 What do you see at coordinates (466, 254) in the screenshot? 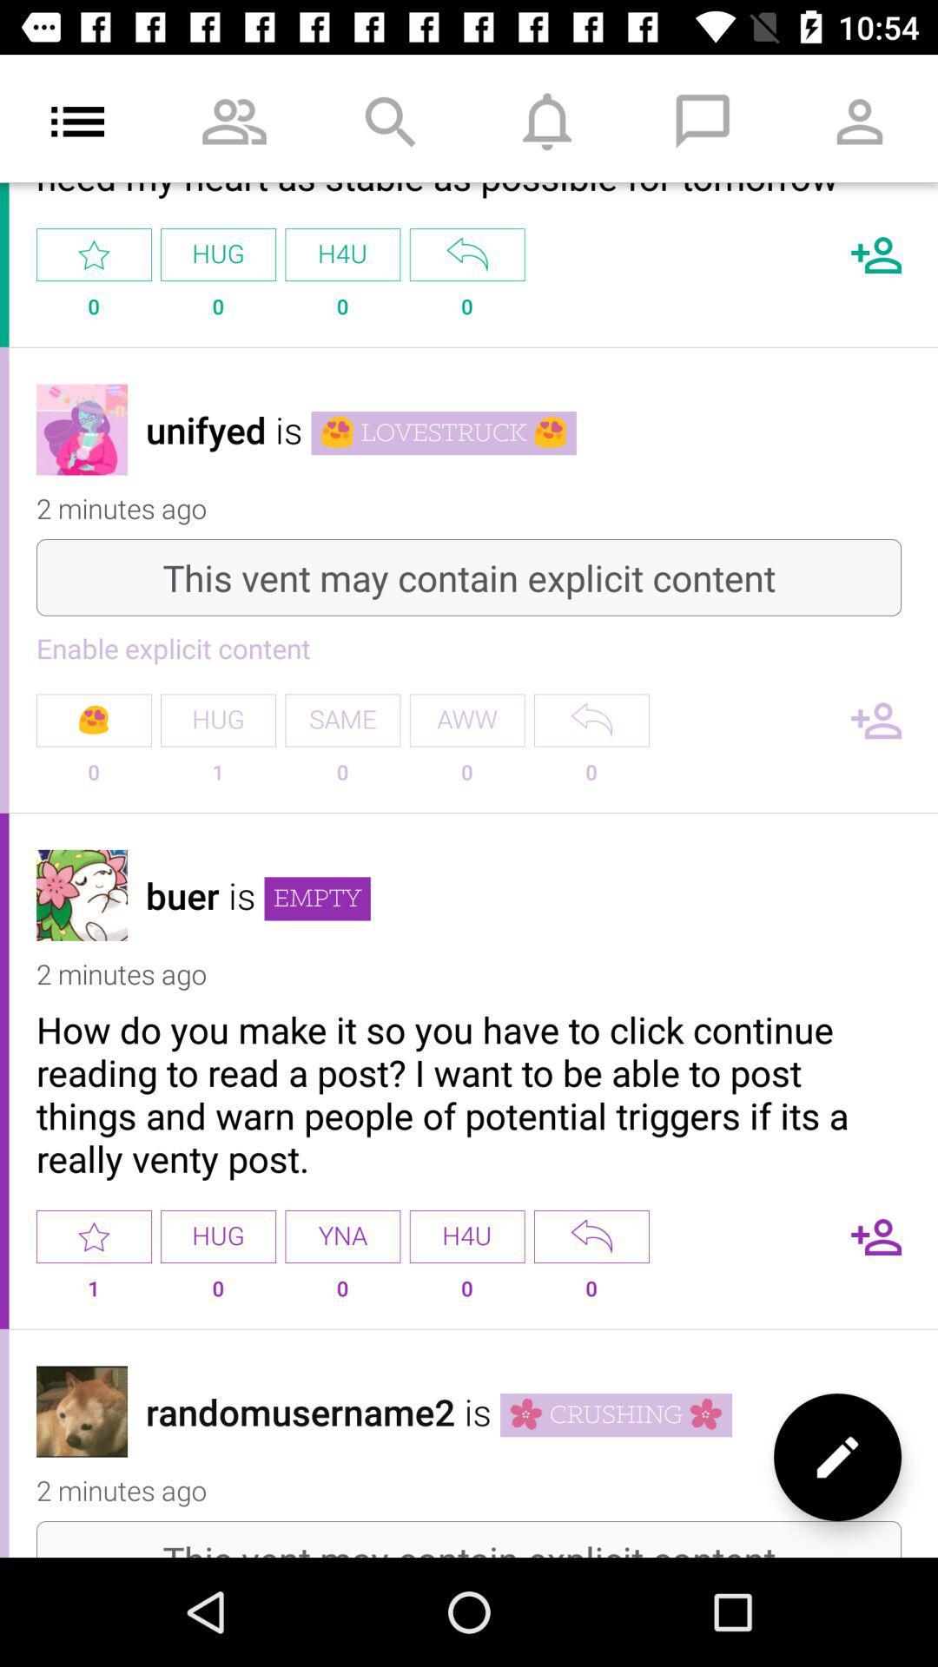
I see `the icon below please let s item` at bounding box center [466, 254].